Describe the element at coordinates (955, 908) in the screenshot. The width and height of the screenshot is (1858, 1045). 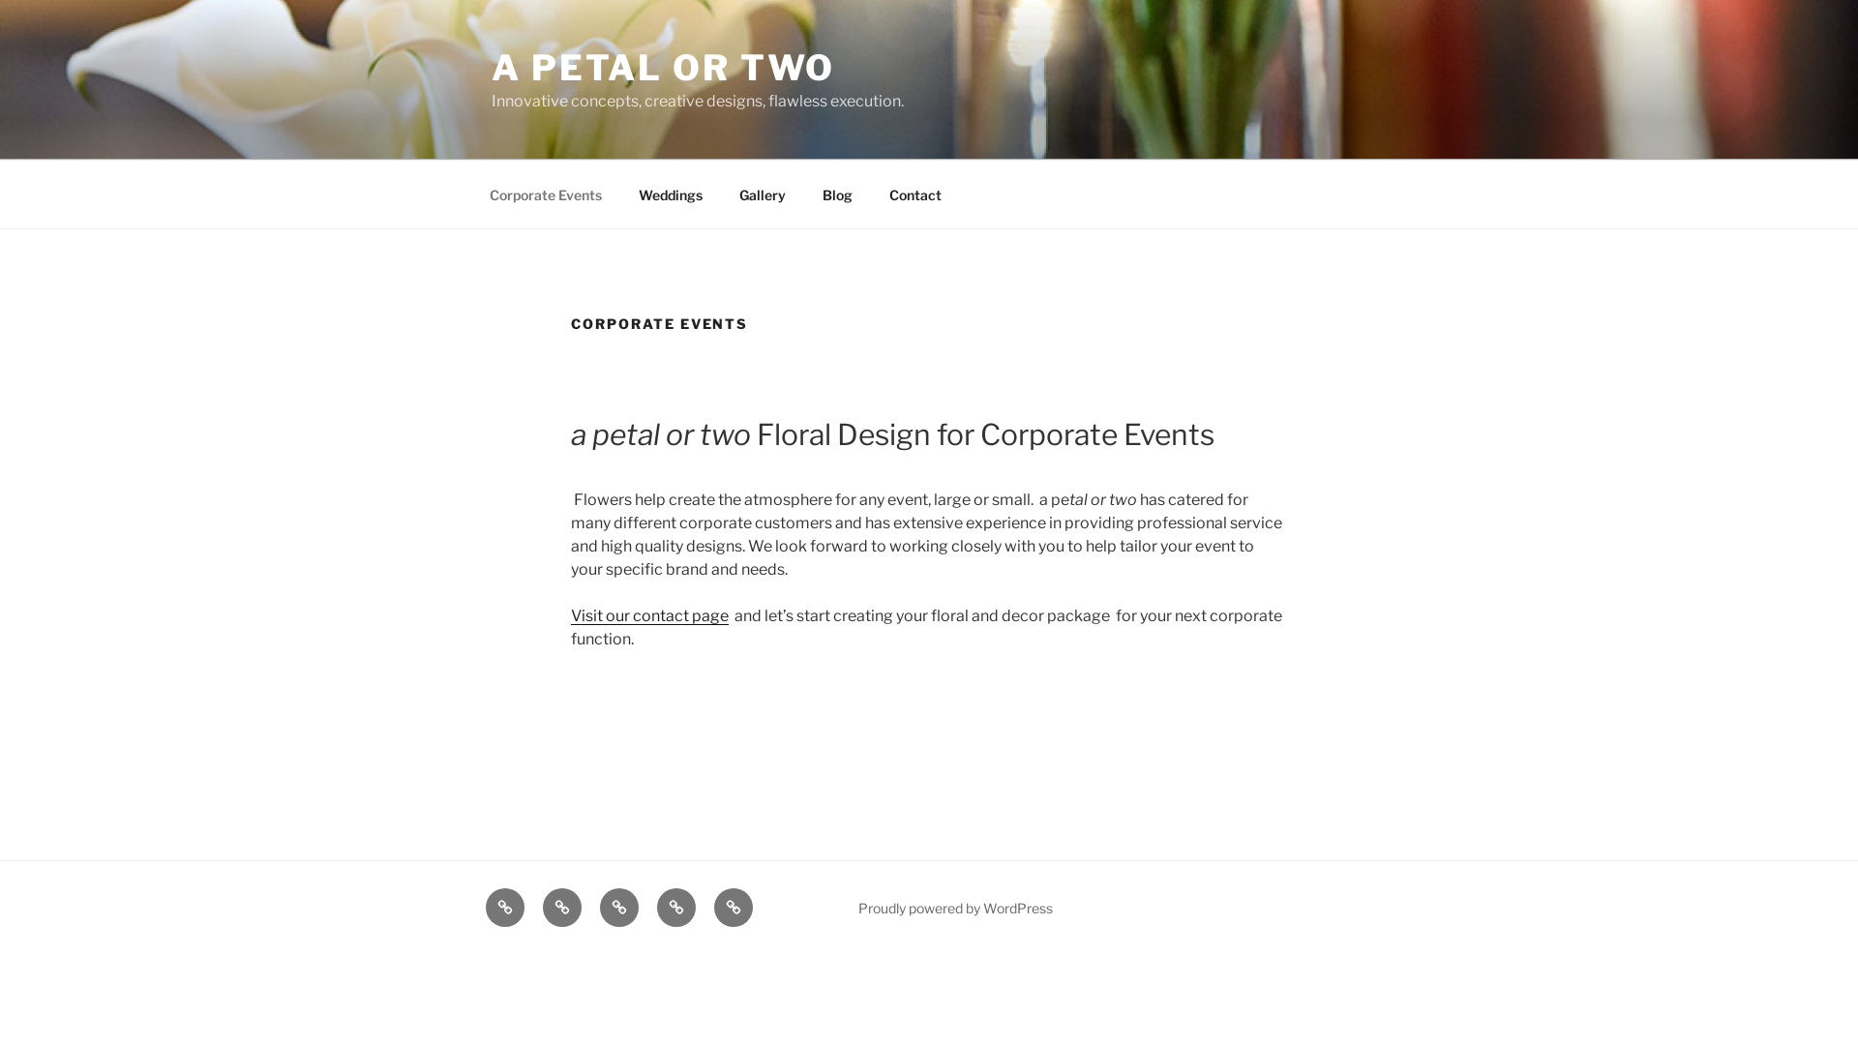
I see `'Proudly powered by WordPress'` at that location.